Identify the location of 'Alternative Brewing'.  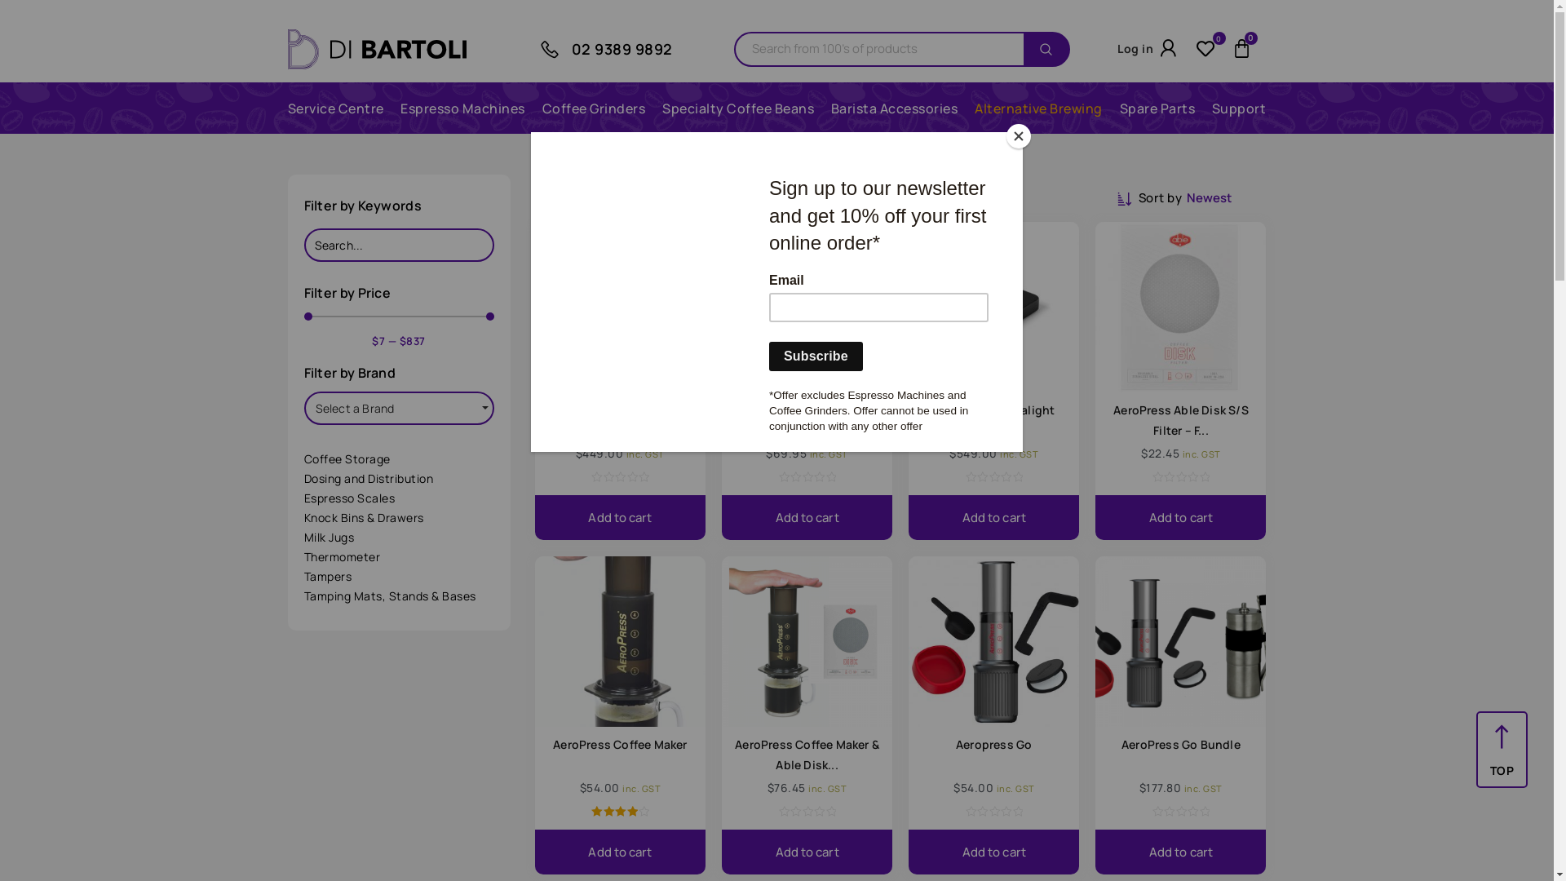
(1037, 108).